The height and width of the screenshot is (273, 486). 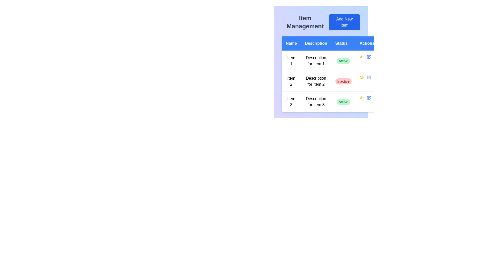 What do you see at coordinates (305, 22) in the screenshot?
I see `the static text heading in the upper-left portion of the interface, which serves as a section title above the item data table and to the left of the 'Add New Item' button` at bounding box center [305, 22].